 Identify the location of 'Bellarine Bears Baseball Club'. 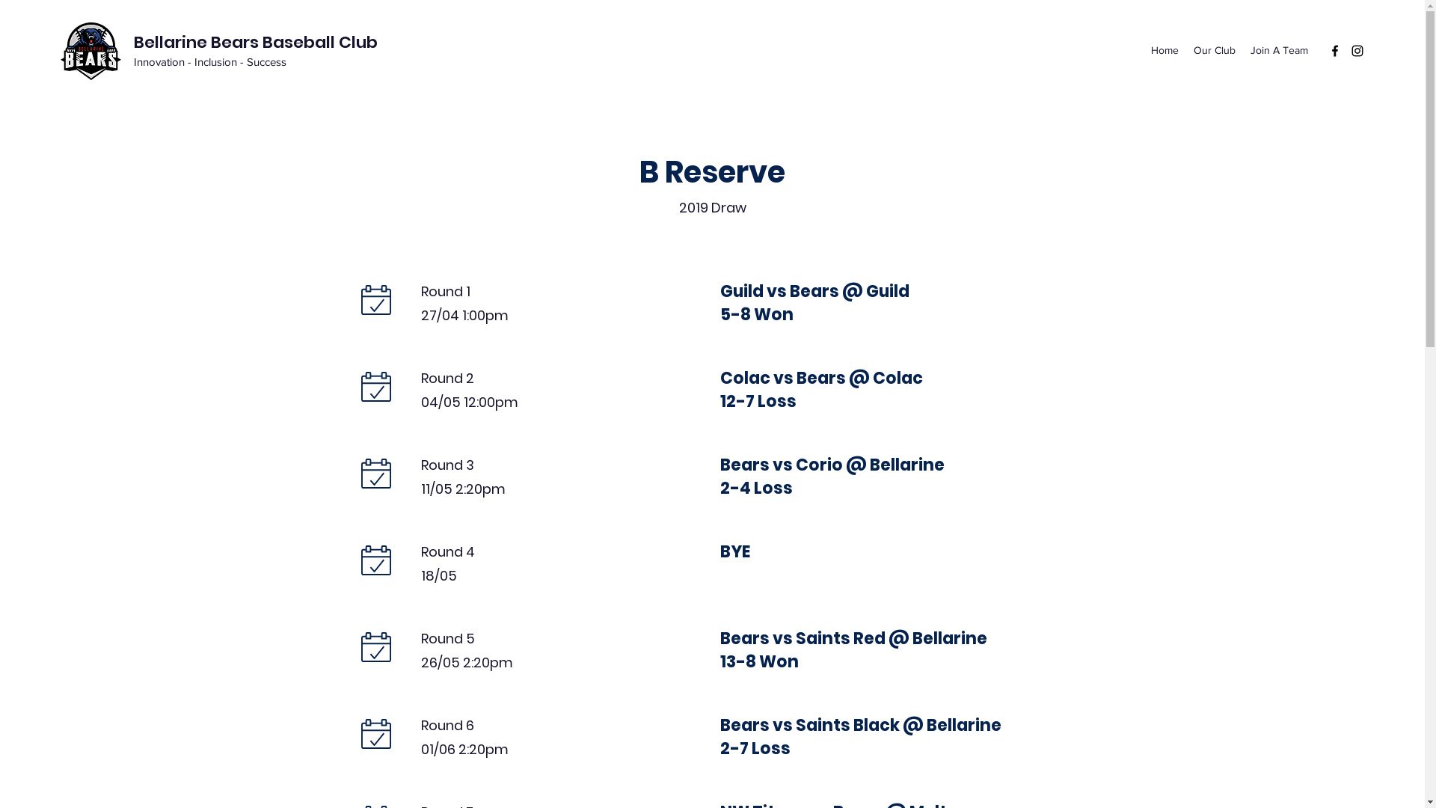
(255, 41).